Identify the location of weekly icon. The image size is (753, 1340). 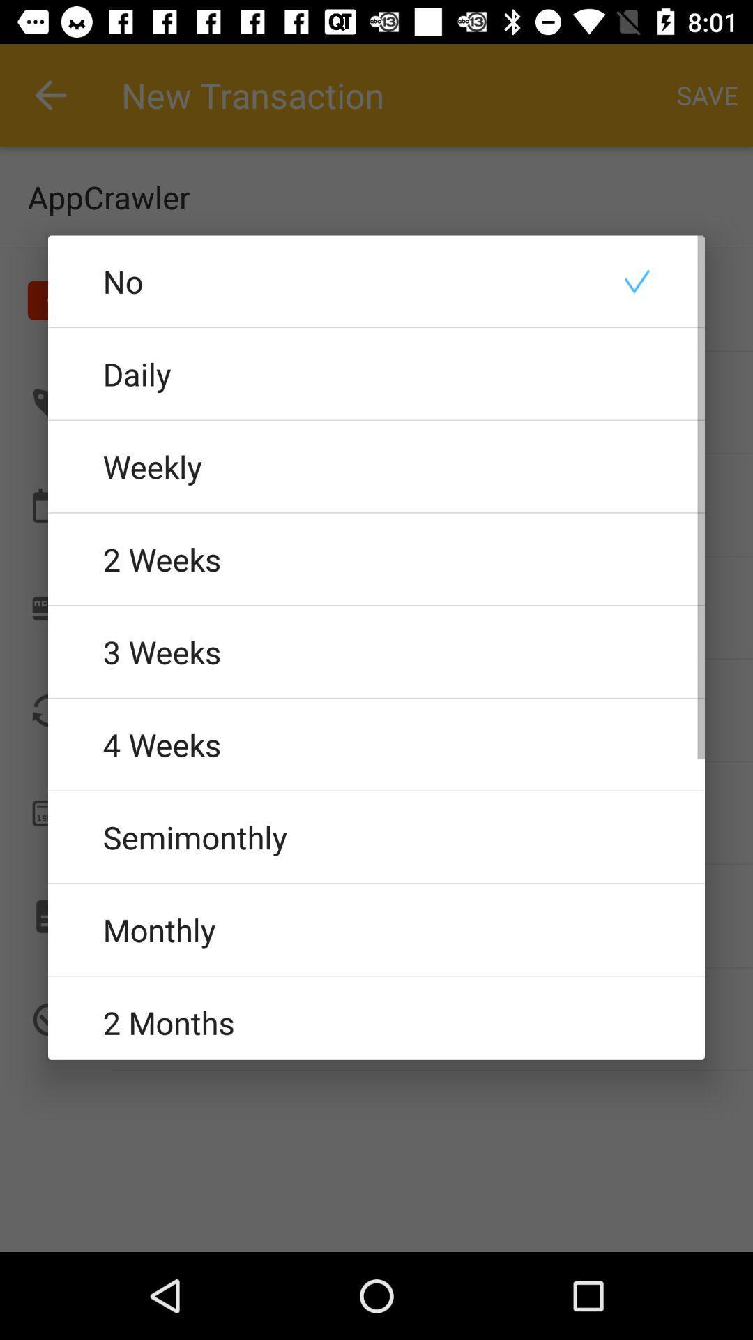
(376, 466).